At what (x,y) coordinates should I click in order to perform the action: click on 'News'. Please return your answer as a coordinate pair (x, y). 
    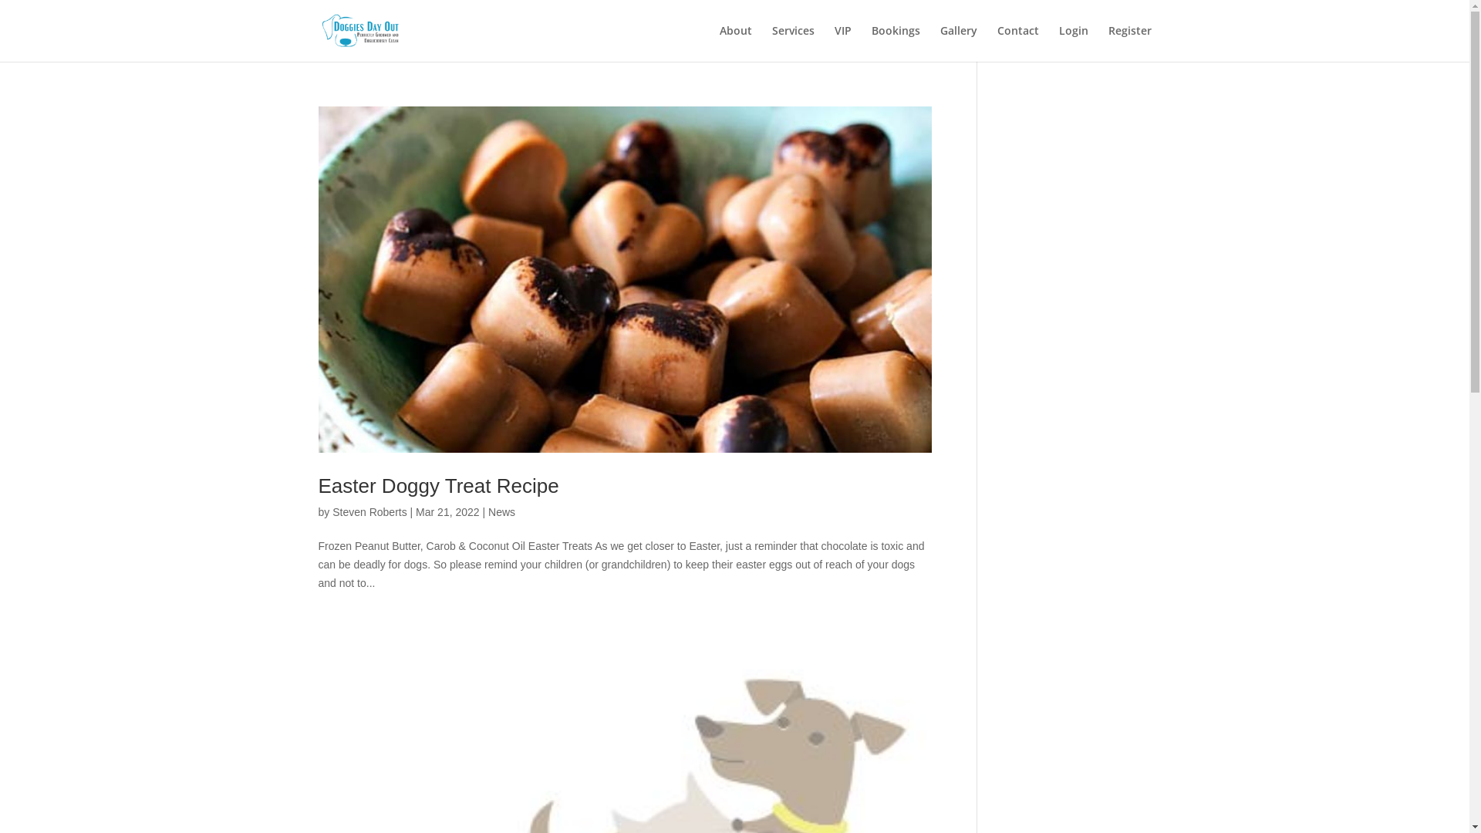
    Looking at the image, I should click on (501, 511).